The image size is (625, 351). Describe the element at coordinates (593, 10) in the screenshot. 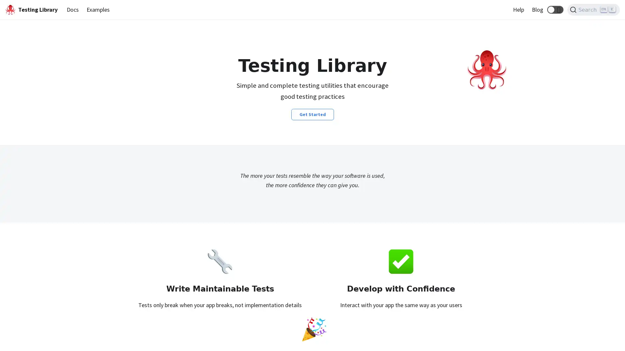

I see `Search` at that location.